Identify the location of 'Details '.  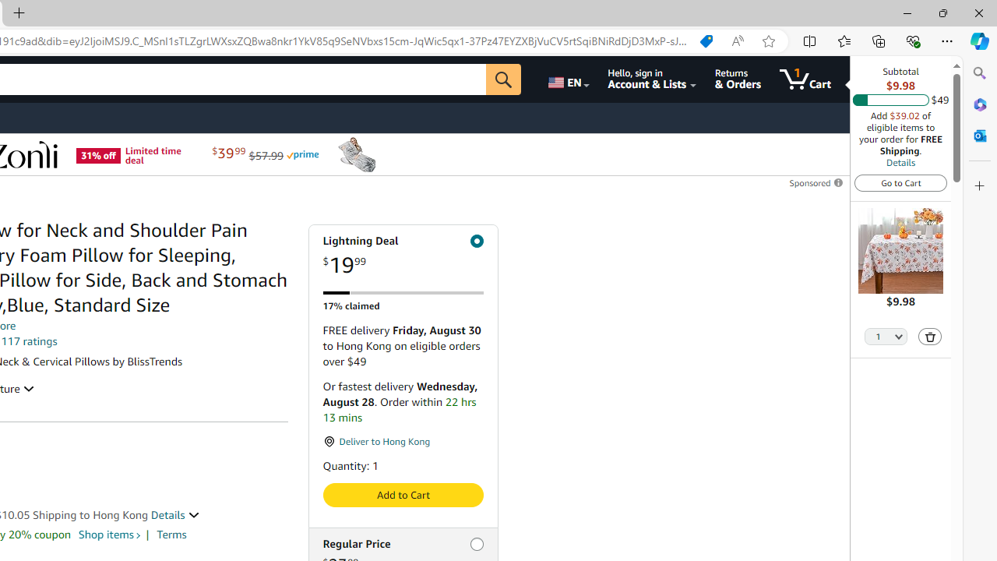
(175, 514).